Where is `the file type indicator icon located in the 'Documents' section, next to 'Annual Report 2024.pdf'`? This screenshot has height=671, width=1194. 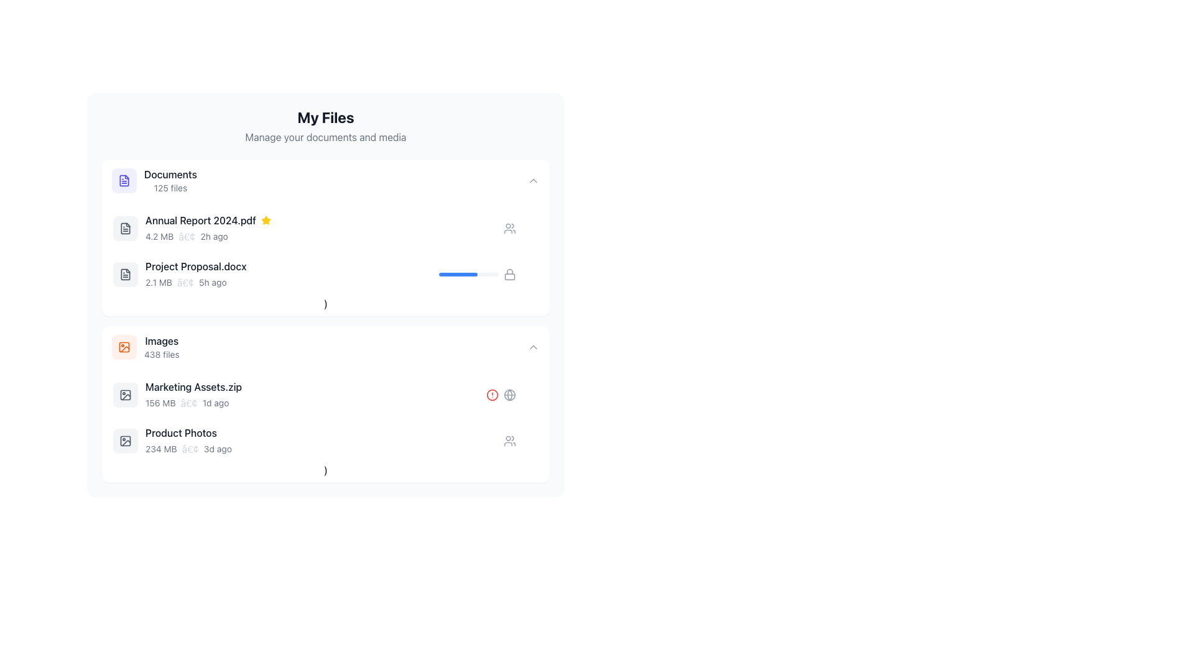
the file type indicator icon located in the 'Documents' section, next to 'Annual Report 2024.pdf' is located at coordinates (125, 228).